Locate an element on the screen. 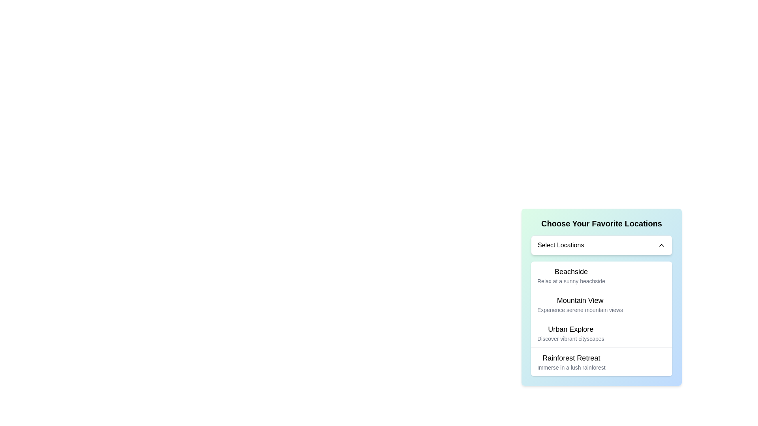 This screenshot has height=426, width=758. the text 'Rainforest Retreat' is located at coordinates (571, 358).